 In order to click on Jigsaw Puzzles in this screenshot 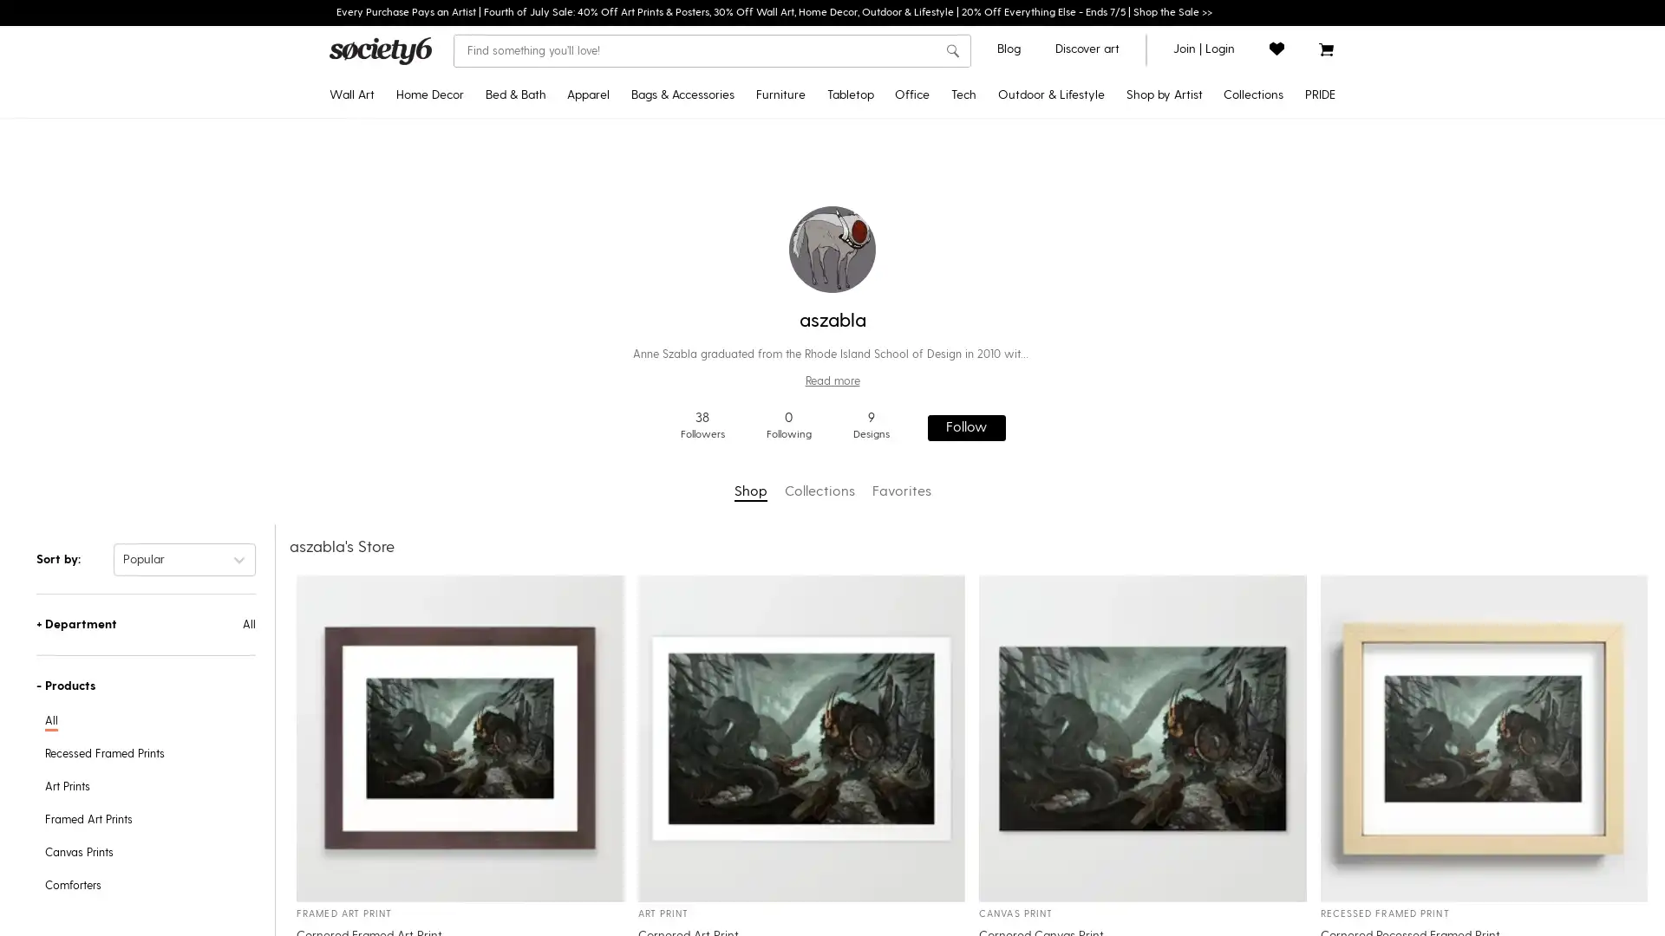, I will do `click(955, 223)`.